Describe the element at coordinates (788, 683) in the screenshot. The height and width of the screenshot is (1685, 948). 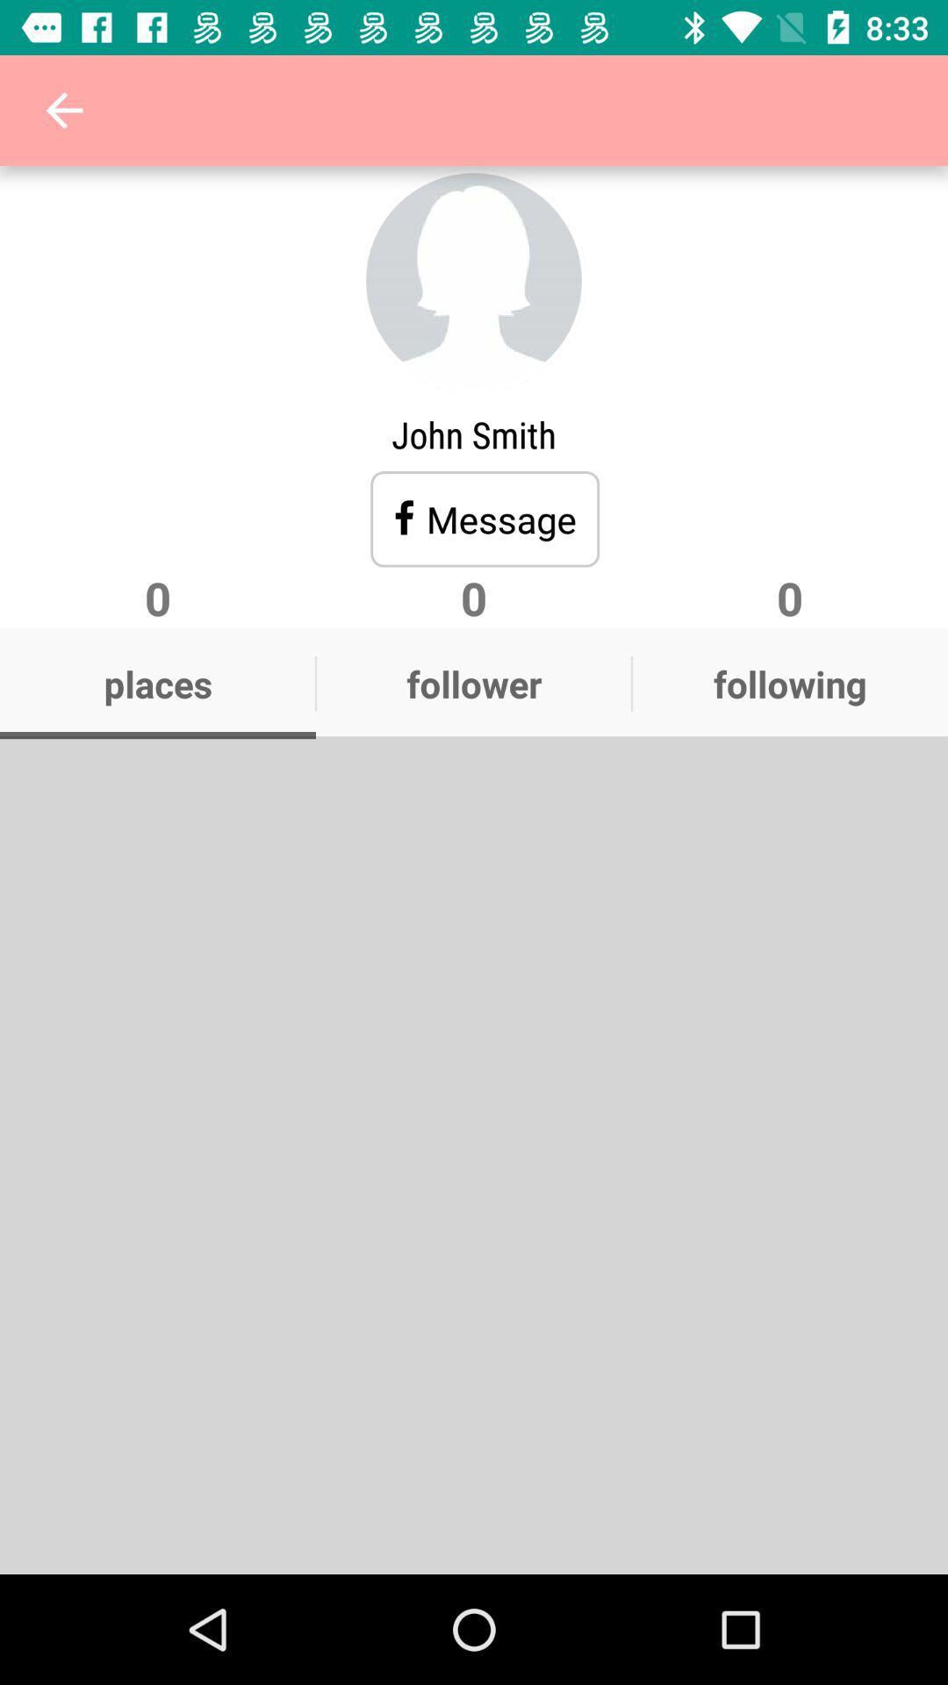
I see `app to the right of the follower icon` at that location.